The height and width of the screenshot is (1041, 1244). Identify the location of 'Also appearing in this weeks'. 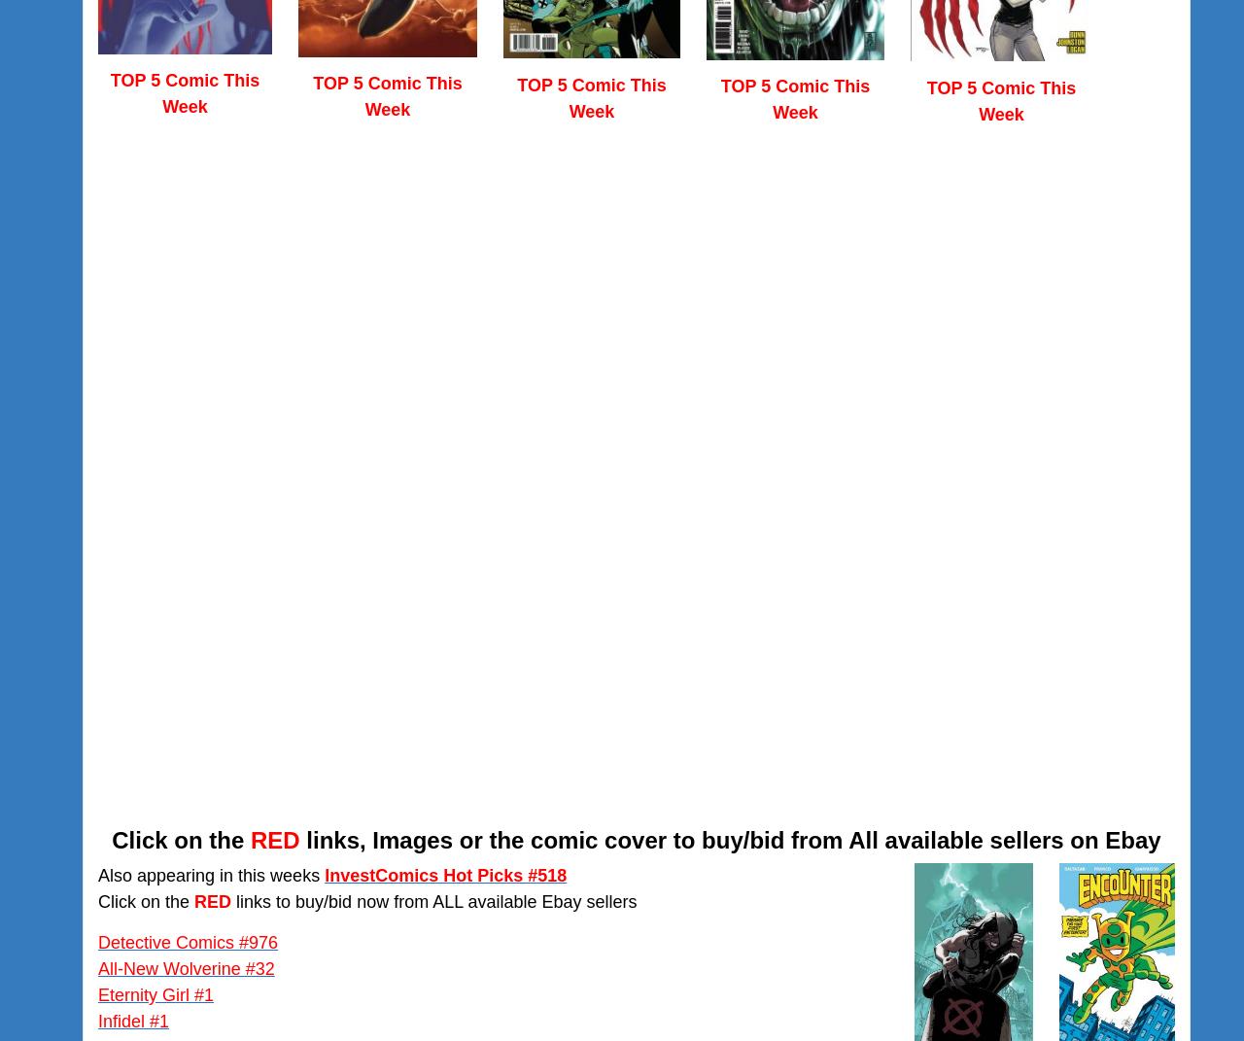
(96, 874).